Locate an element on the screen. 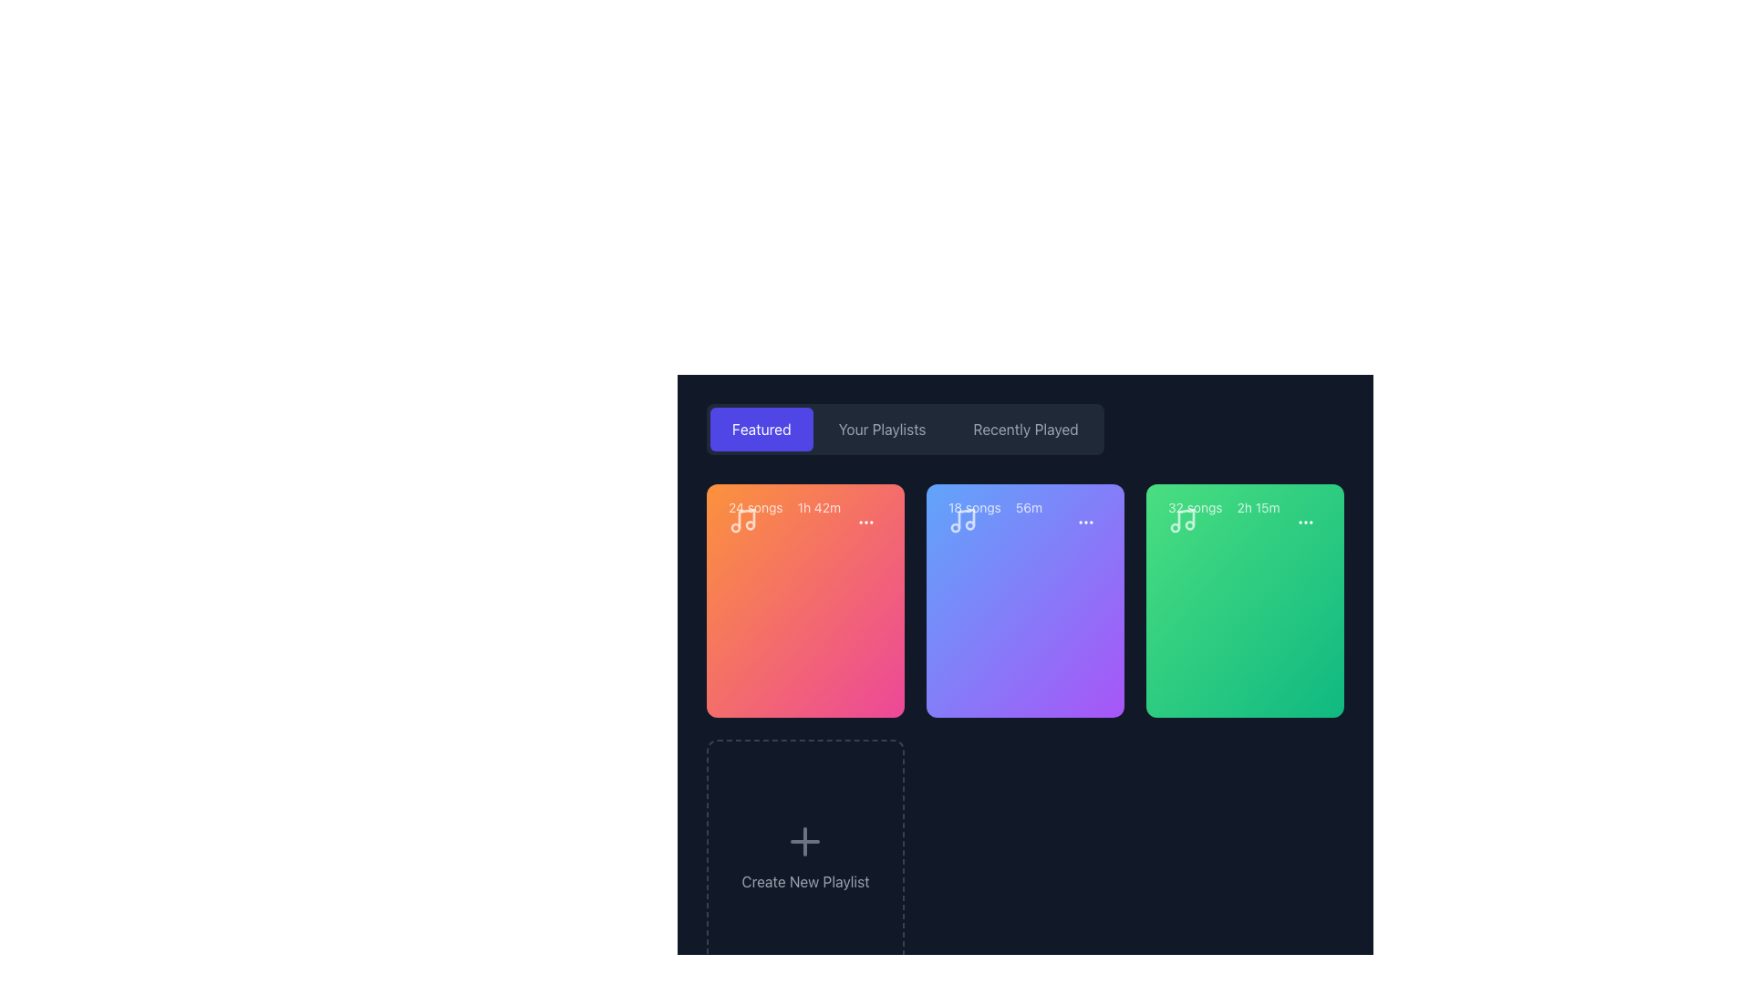 This screenshot has width=1751, height=985. the text label 'Summer Vibes' which serves as a title for the associated playlist, positioned above '24 songs' and '1h 42m' is located at coordinates (803, 451).